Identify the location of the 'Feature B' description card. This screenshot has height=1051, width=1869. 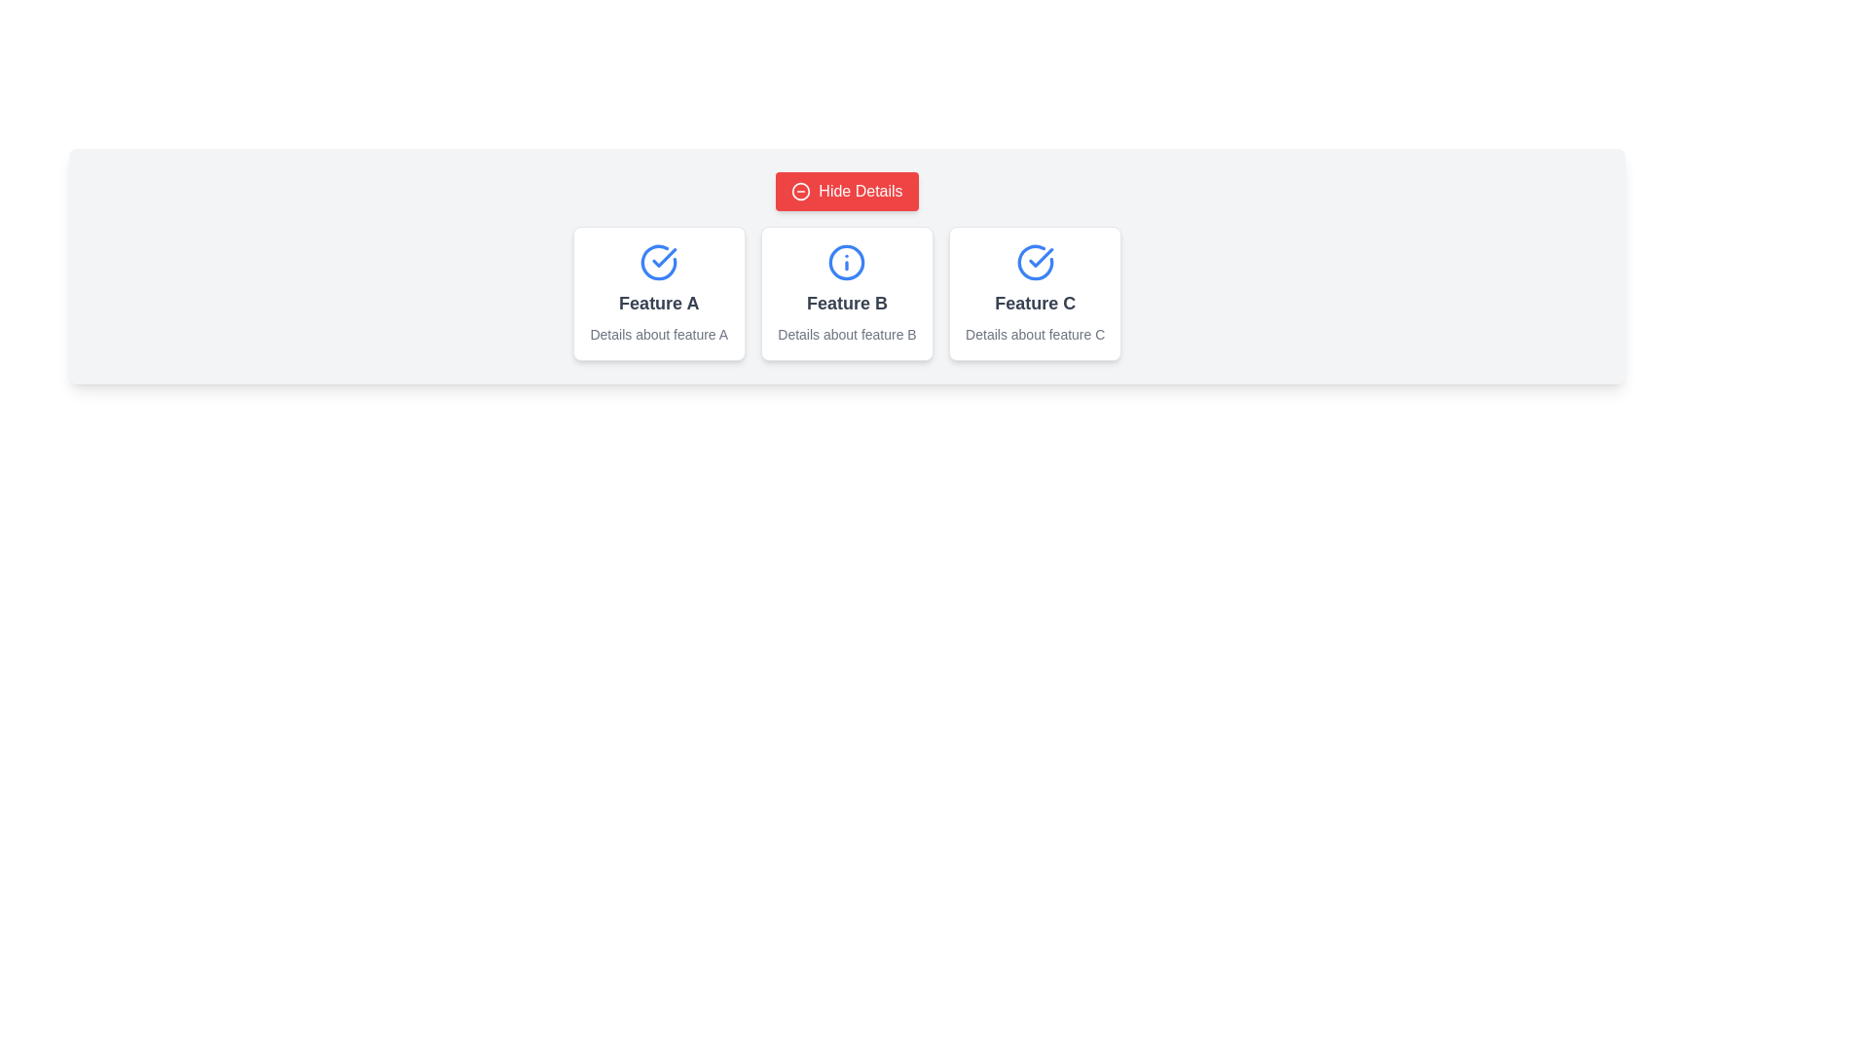
(847, 293).